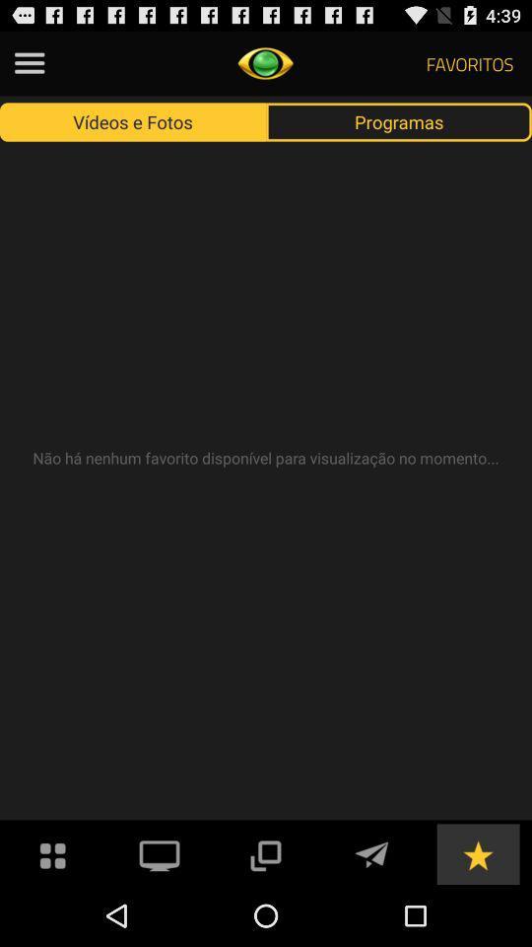 This screenshot has height=947, width=532. Describe the element at coordinates (133, 120) in the screenshot. I see `the item to the left of programas icon` at that location.